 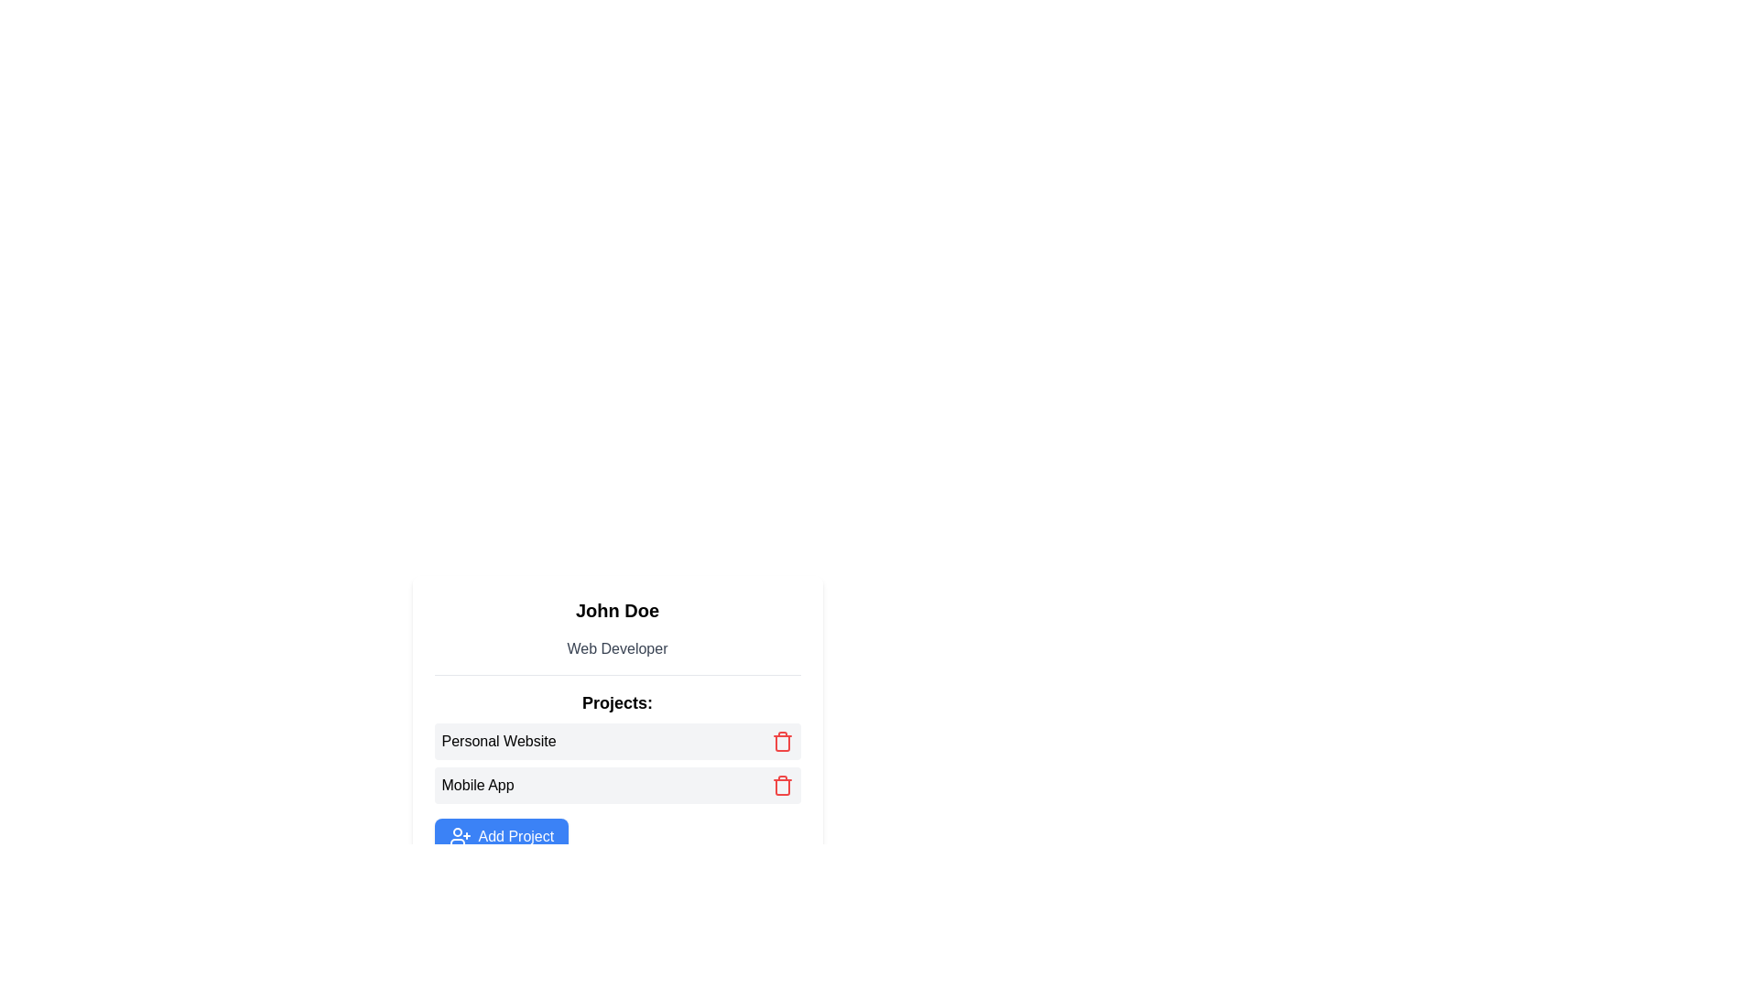 I want to click on the user icon with a plus sign within the 'Add Project' button to trigger a tooltip or visual feedback, so click(x=460, y=837).